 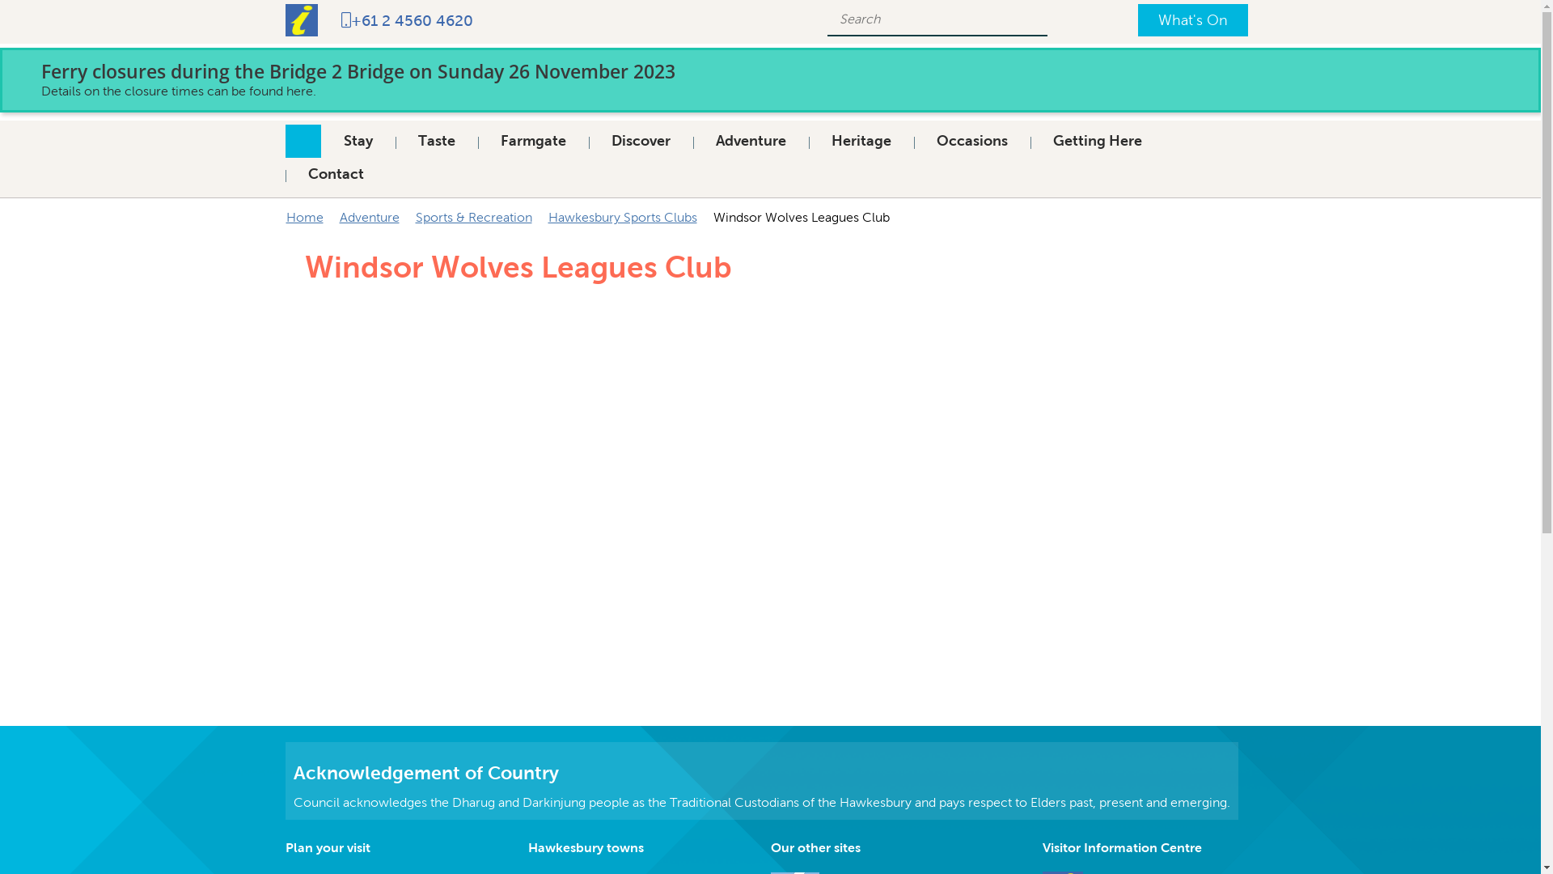 What do you see at coordinates (305, 216) in the screenshot?
I see `'Home'` at bounding box center [305, 216].